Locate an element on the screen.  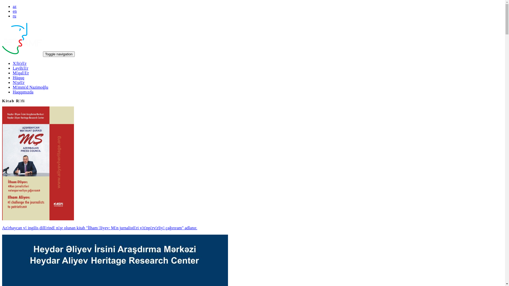
'az' is located at coordinates (13, 6).